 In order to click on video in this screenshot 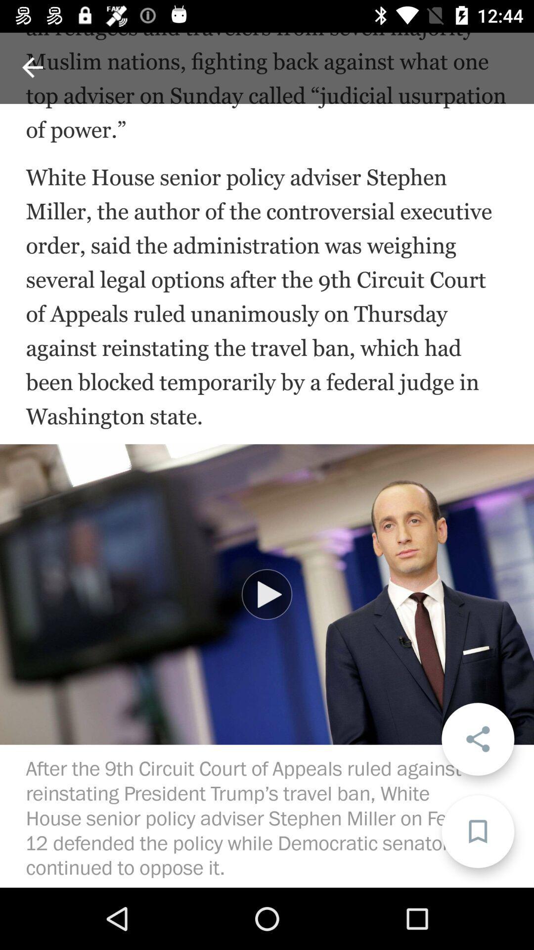, I will do `click(267, 594)`.